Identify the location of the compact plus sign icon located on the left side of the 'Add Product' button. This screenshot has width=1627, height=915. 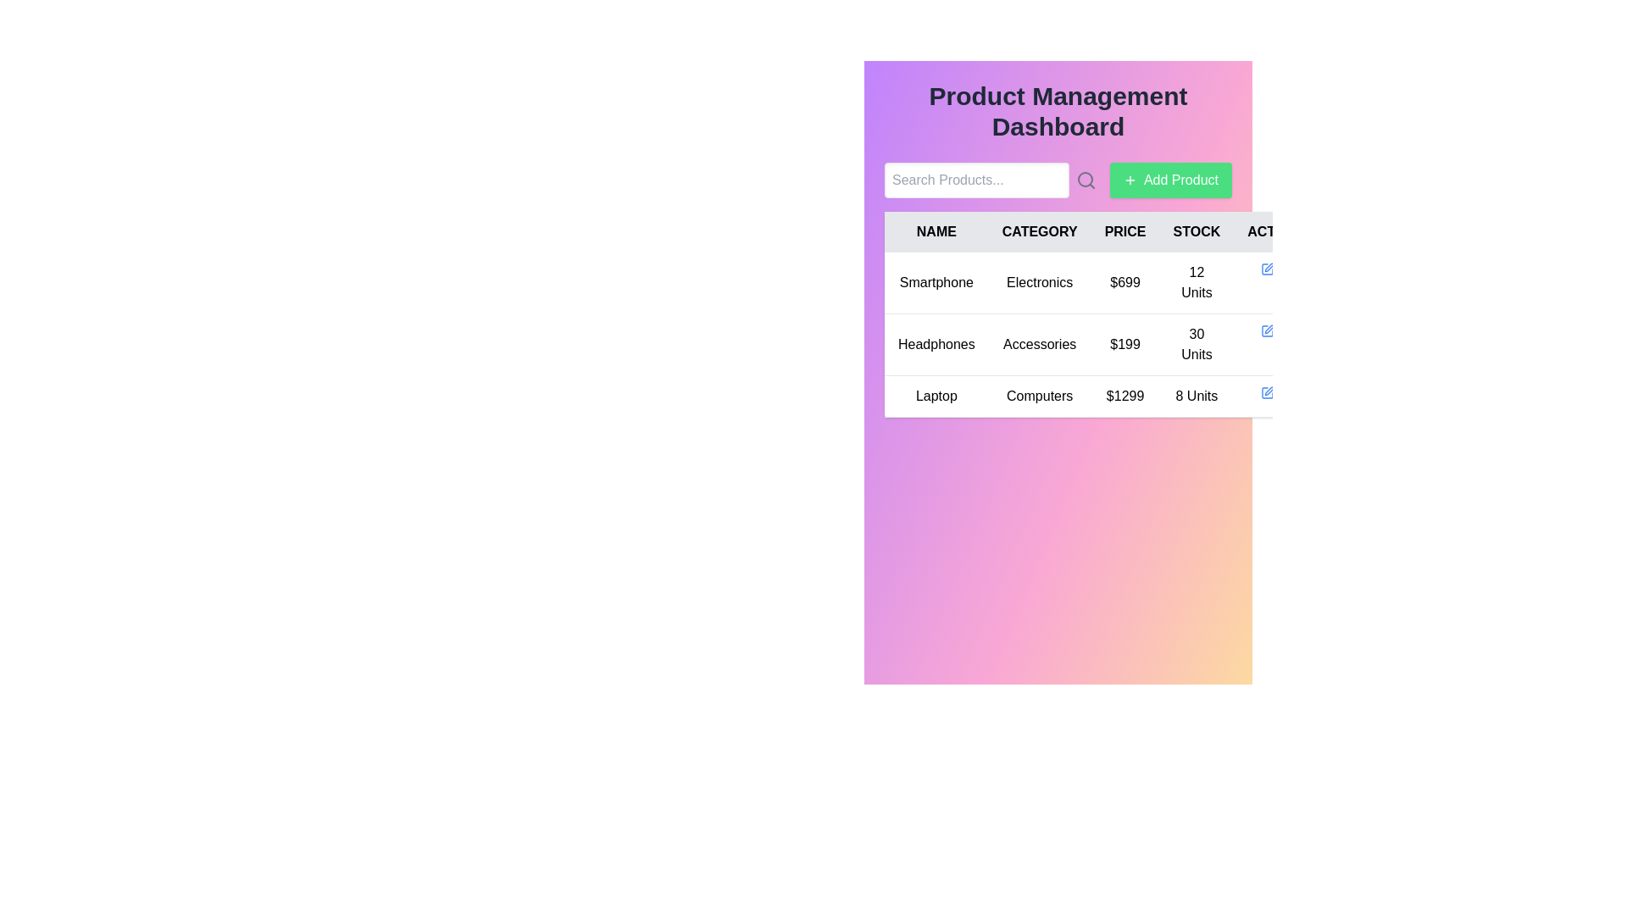
(1130, 180).